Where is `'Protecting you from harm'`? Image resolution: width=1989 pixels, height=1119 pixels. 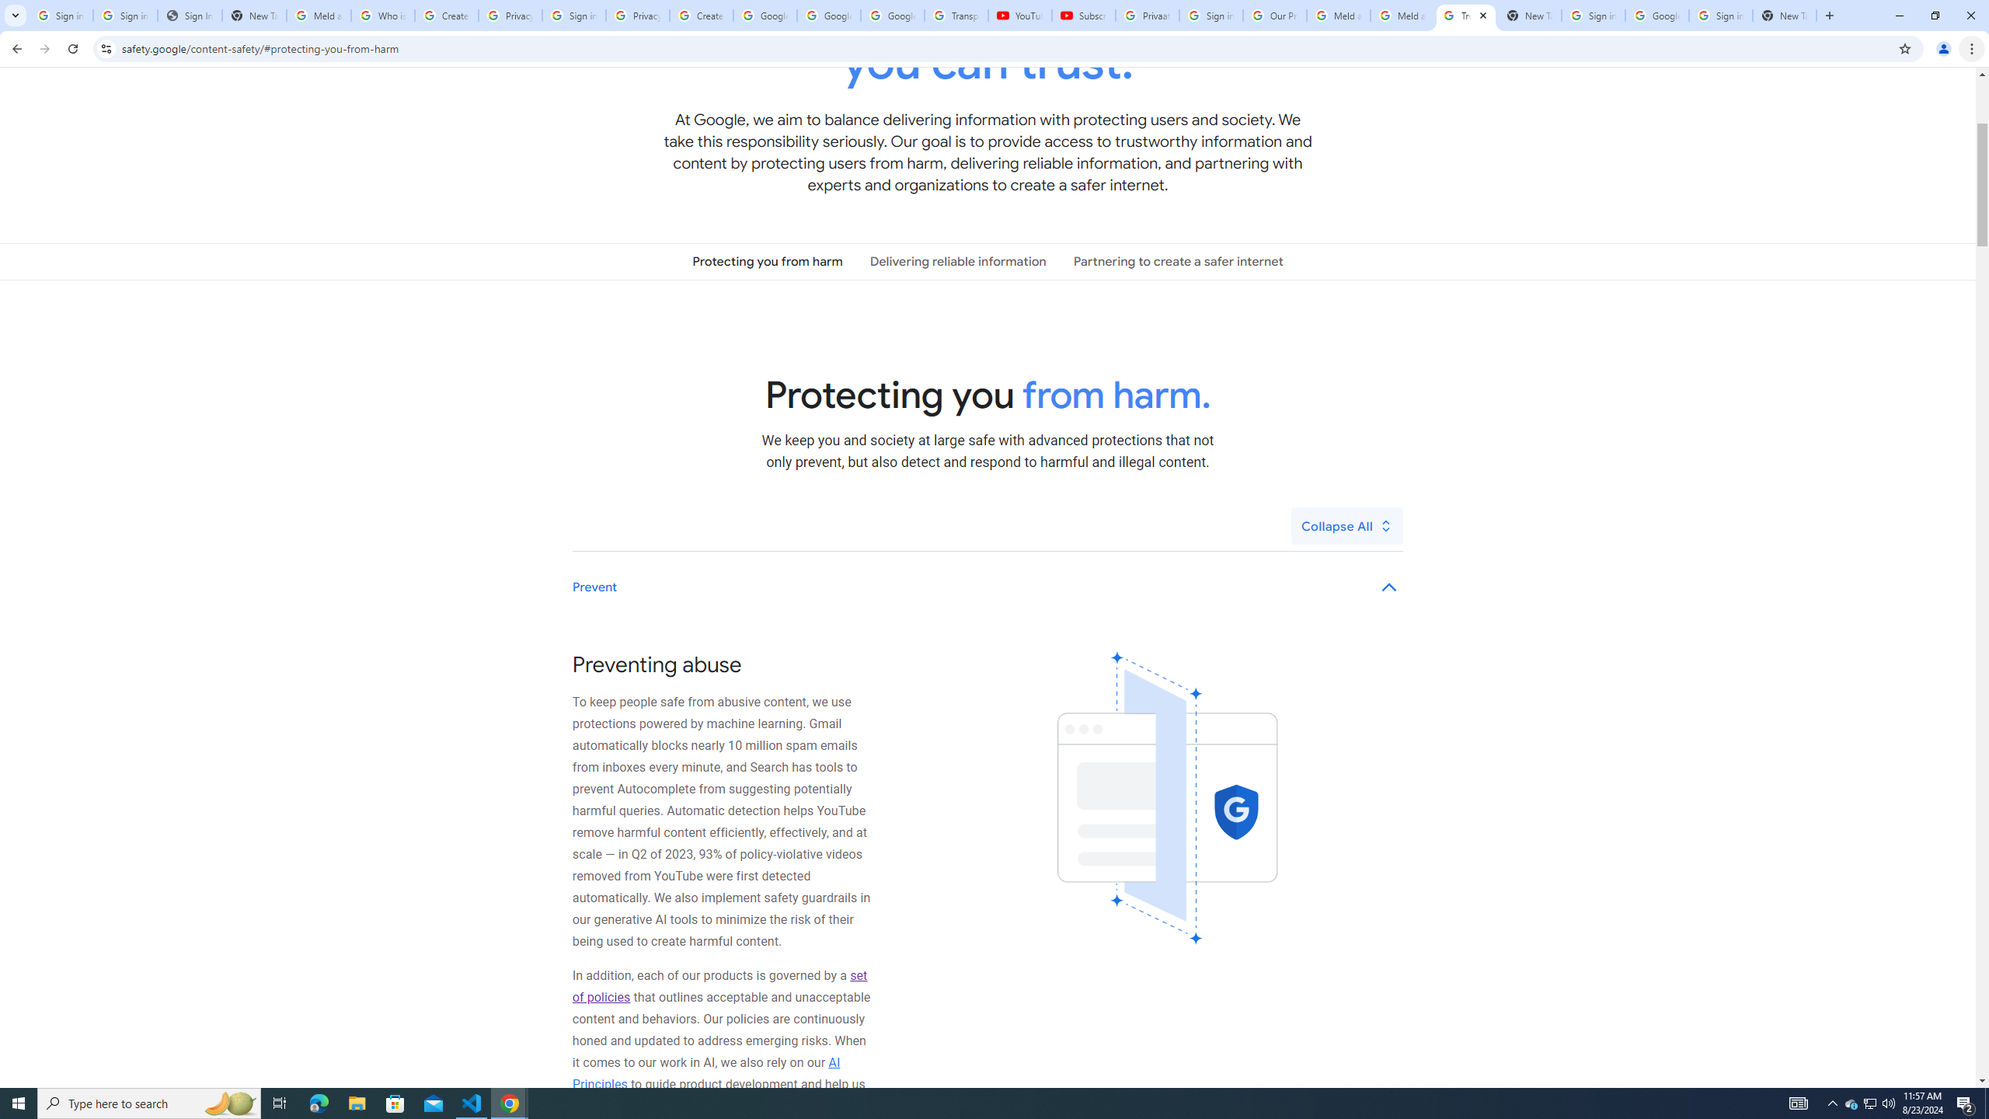 'Protecting you from harm' is located at coordinates (767, 261).